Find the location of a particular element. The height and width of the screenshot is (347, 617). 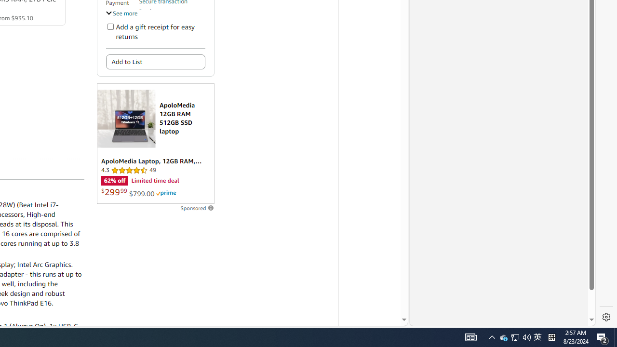

'See more' is located at coordinates (121, 13).